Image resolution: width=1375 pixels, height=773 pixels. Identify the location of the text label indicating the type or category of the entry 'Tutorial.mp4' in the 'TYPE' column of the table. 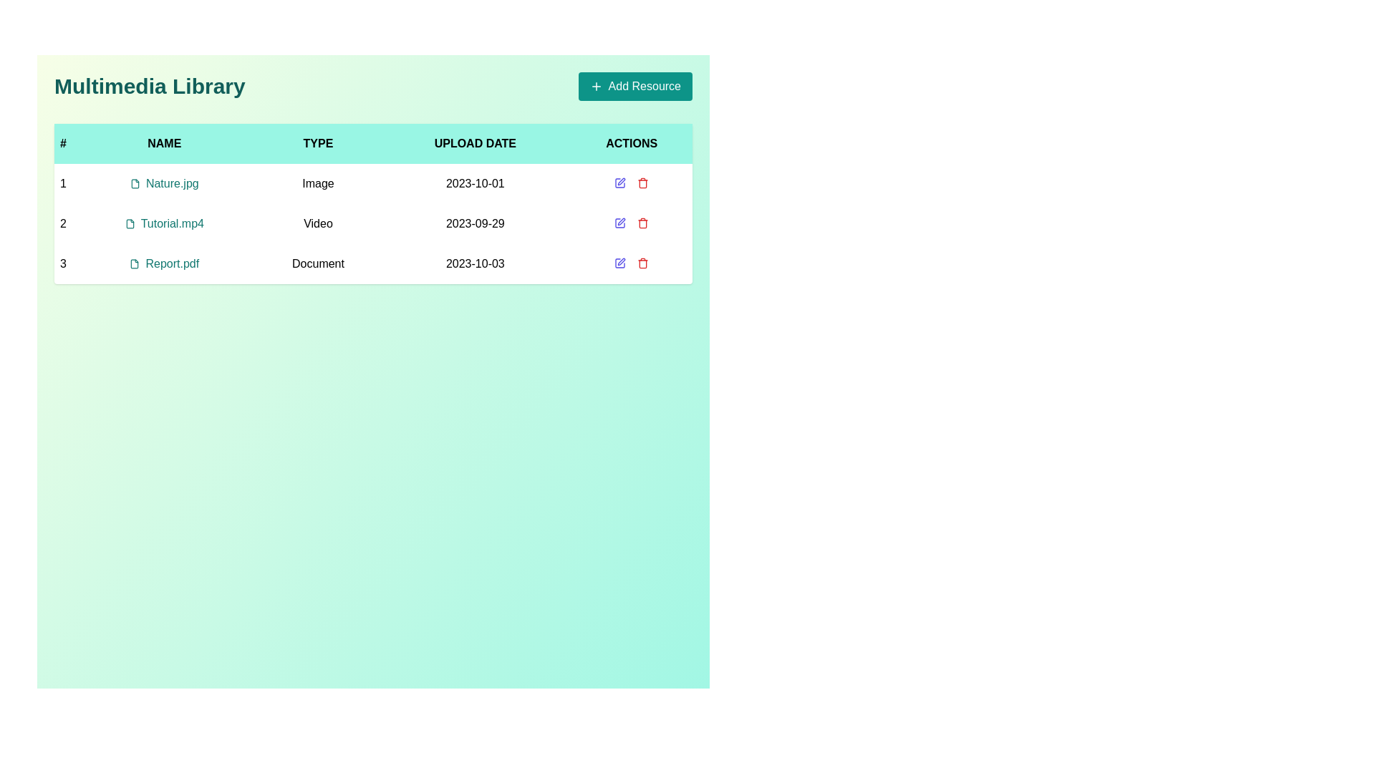
(317, 223).